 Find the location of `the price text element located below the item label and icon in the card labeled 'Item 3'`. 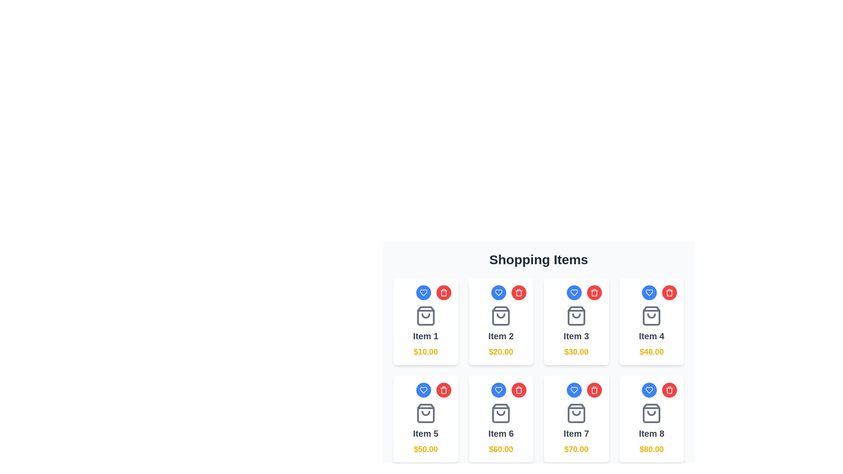

the price text element located below the item label and icon in the card labeled 'Item 3' is located at coordinates (576, 352).